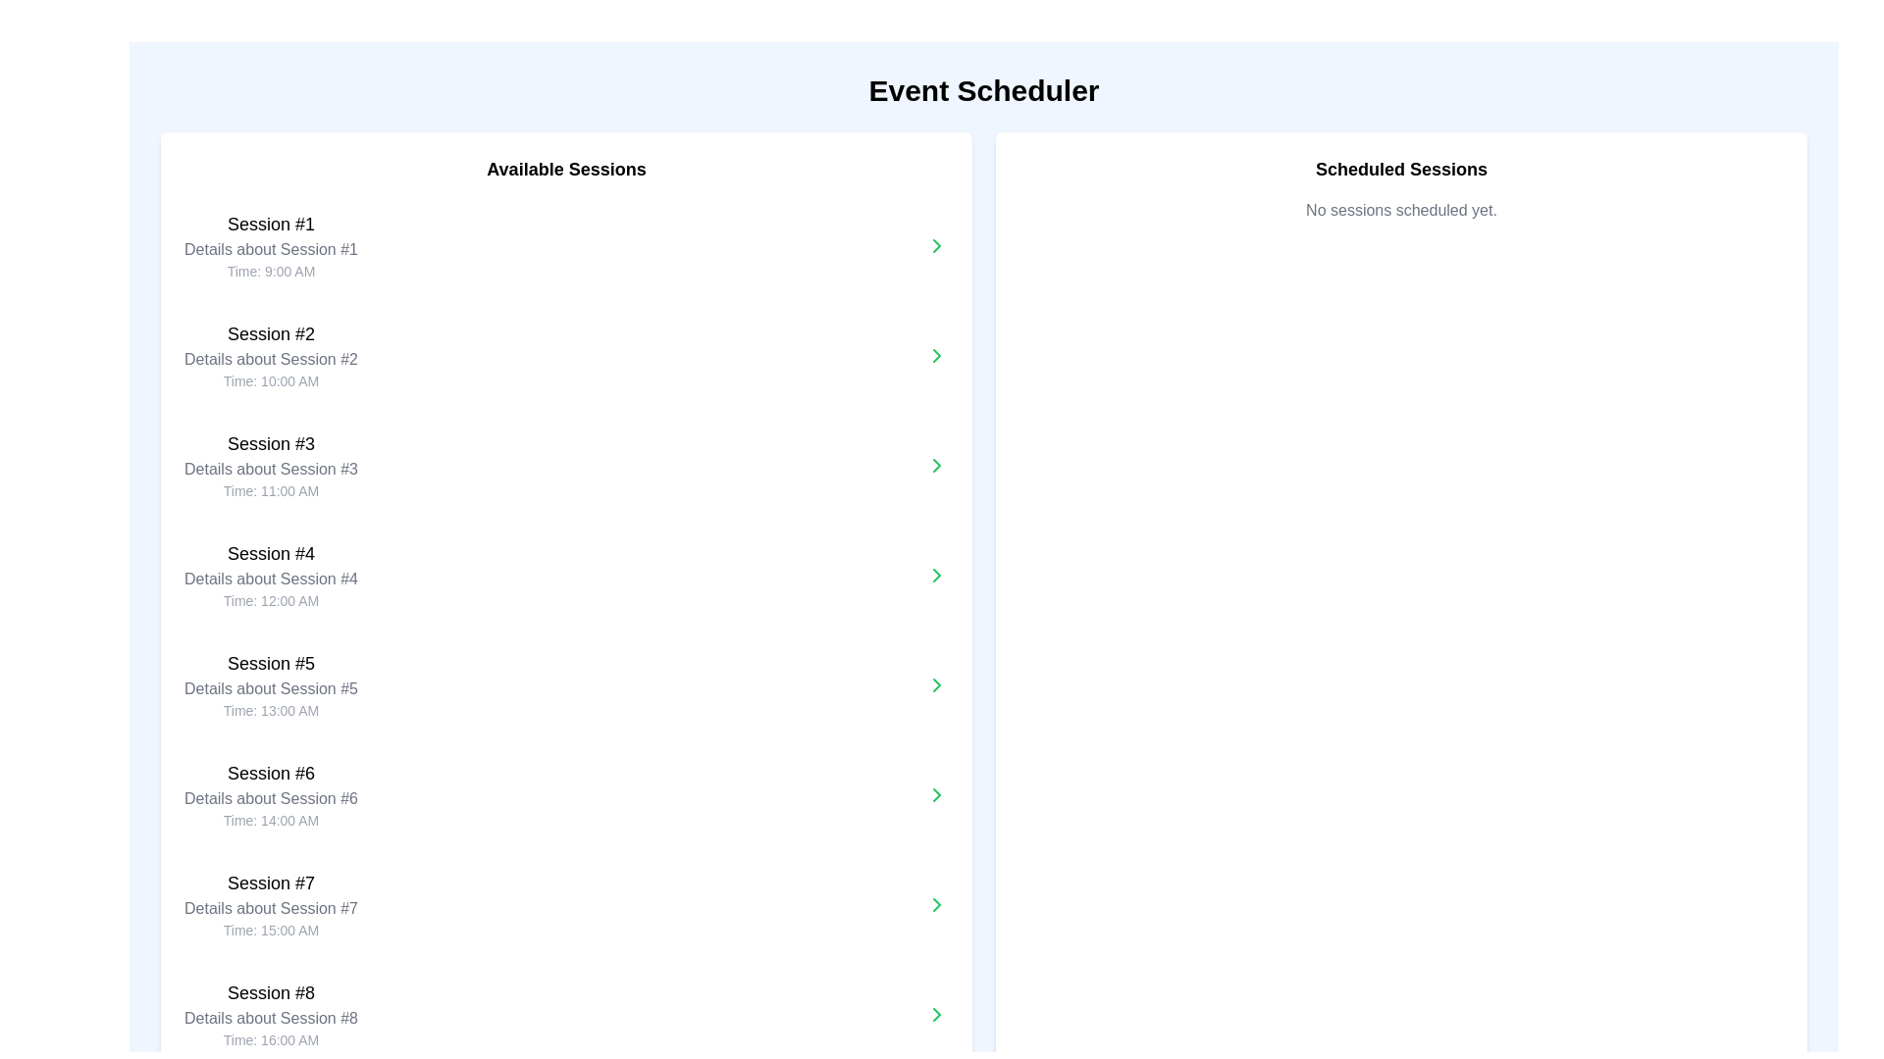 This screenshot has height=1059, width=1884. Describe the element at coordinates (936, 244) in the screenshot. I see `the navigation button for 'Session #1' to change its color` at that location.